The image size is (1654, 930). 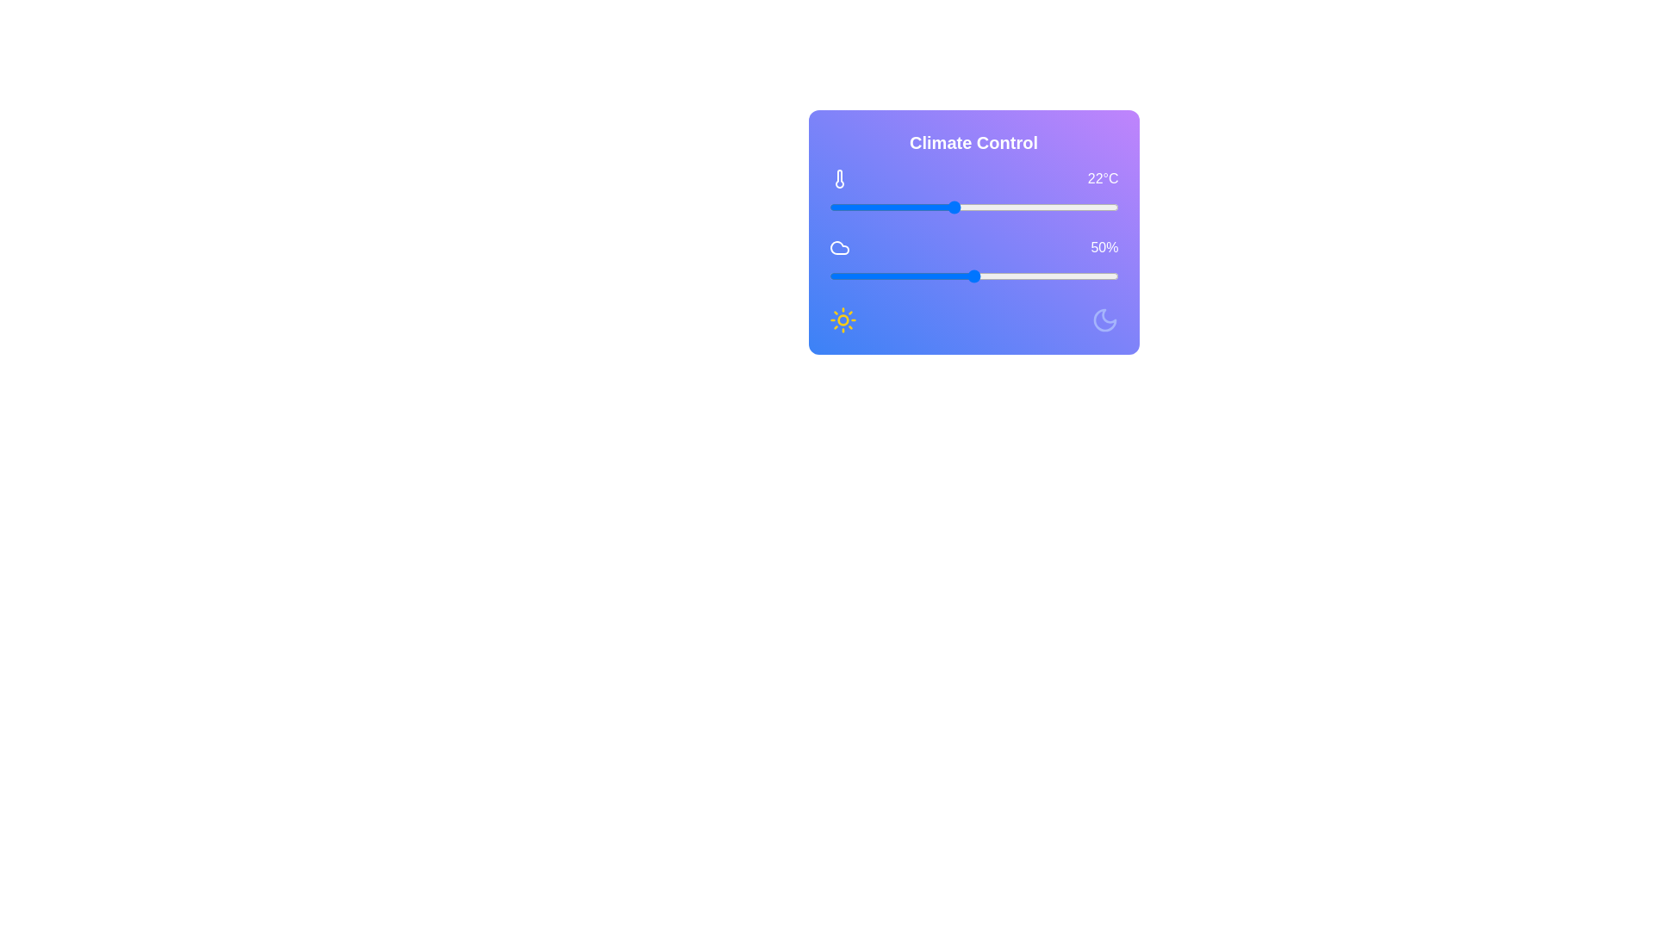 What do you see at coordinates (1104, 319) in the screenshot?
I see `the static state of the moon or night mode icon located in the bottom right corner of the climate control card interface` at bounding box center [1104, 319].